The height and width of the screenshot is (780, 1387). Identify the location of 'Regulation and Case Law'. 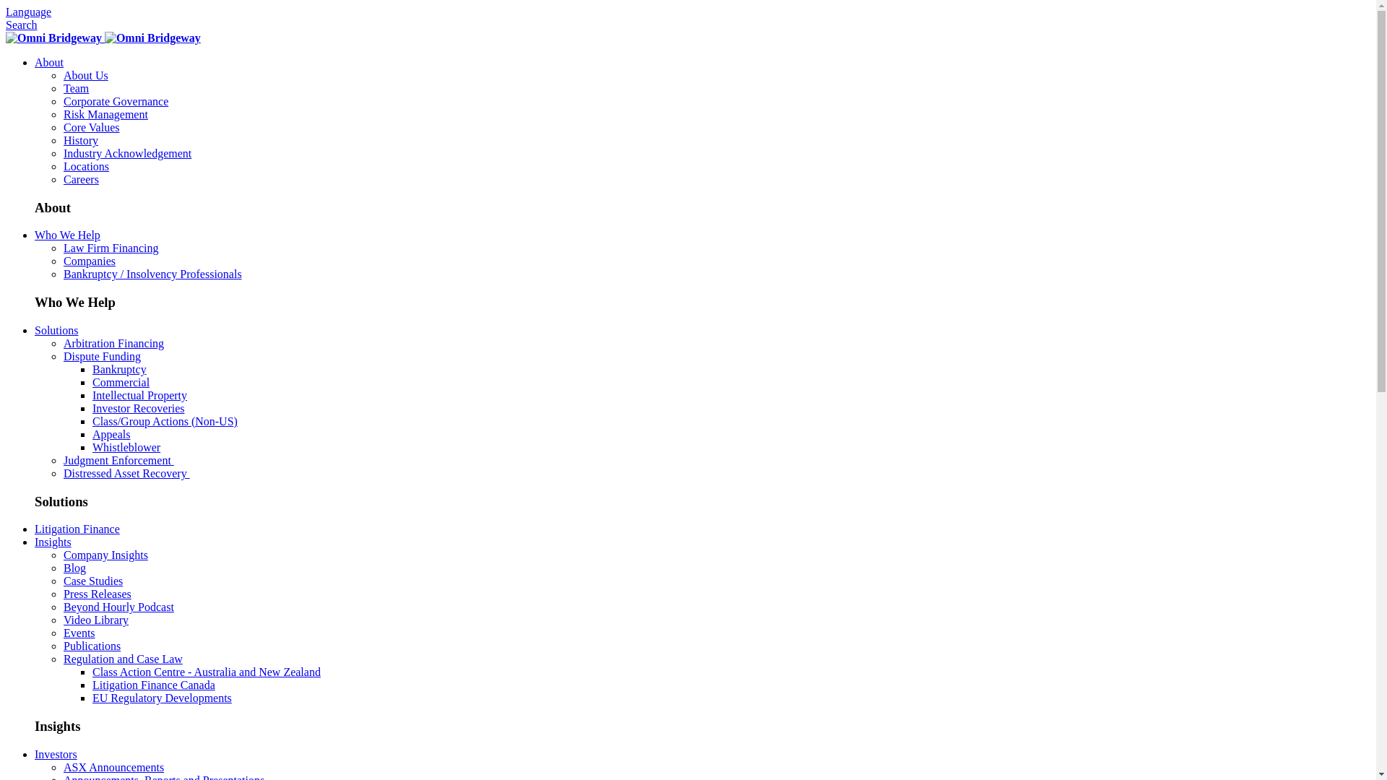
(62, 659).